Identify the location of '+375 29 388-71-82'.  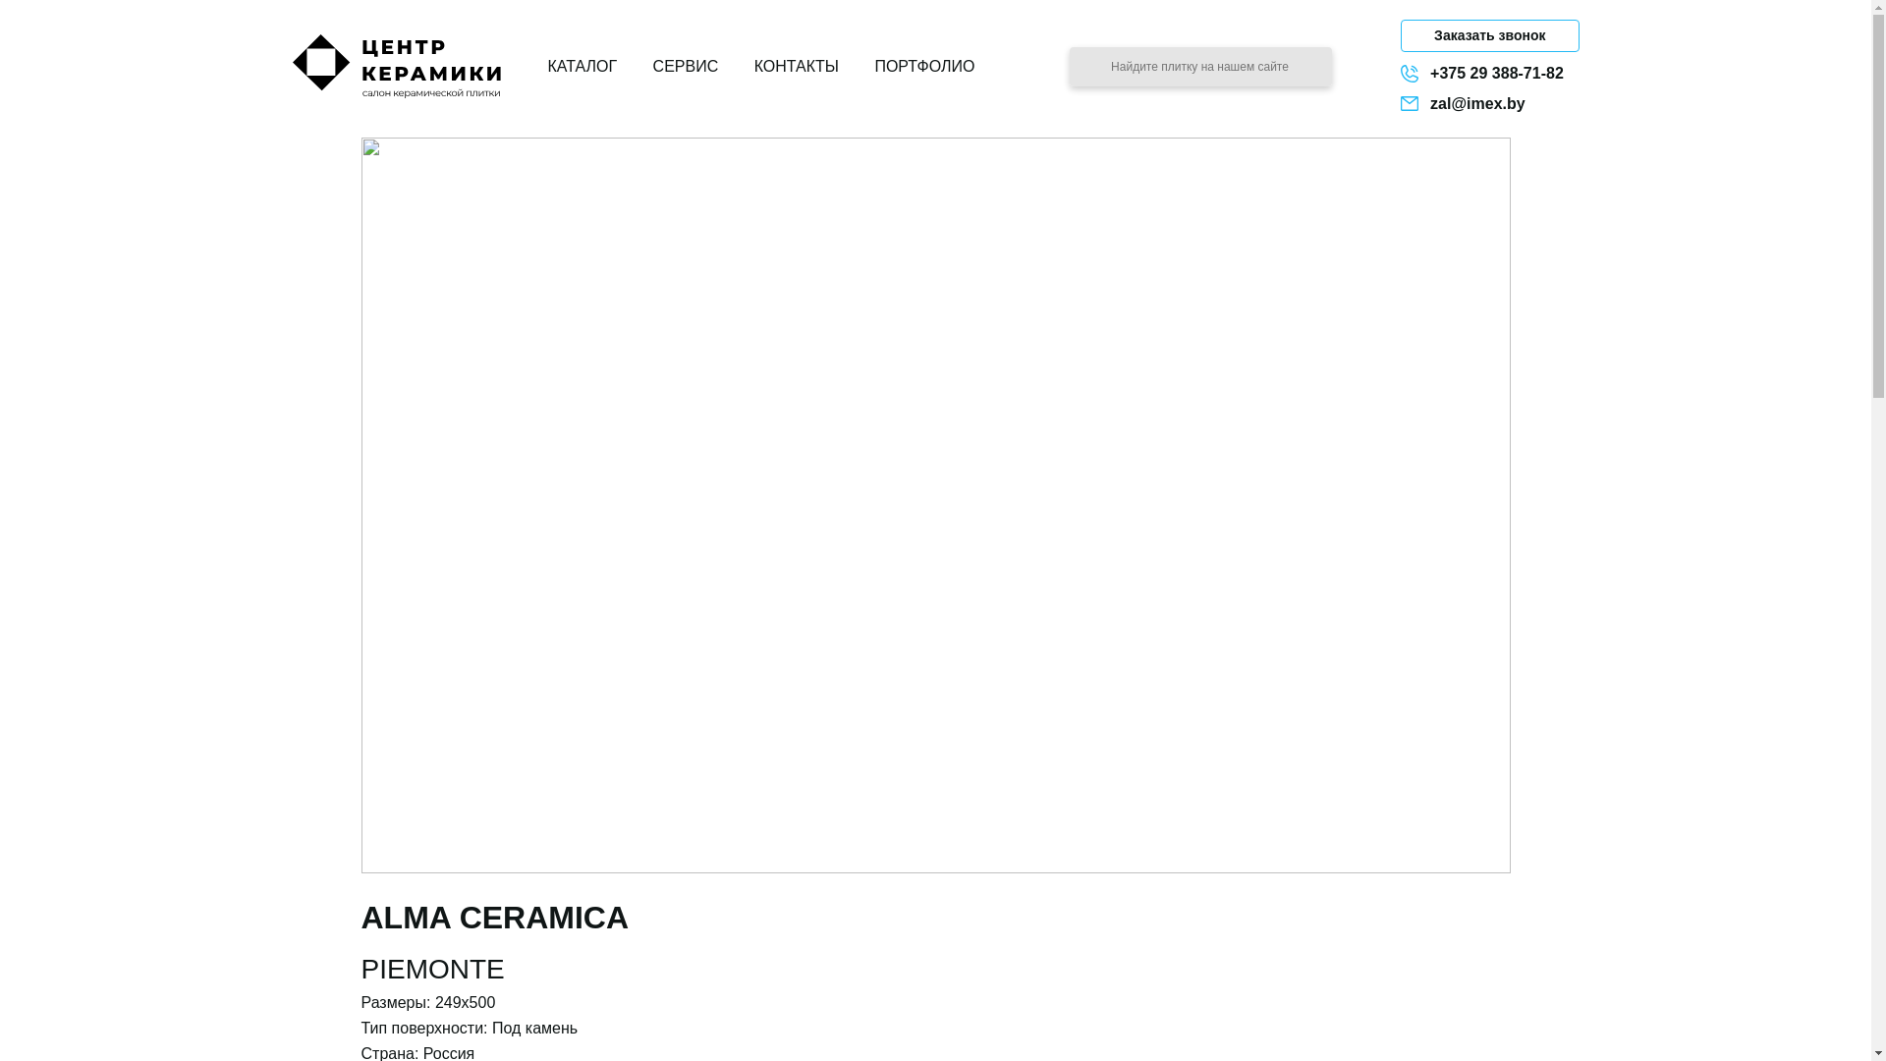
(1489, 72).